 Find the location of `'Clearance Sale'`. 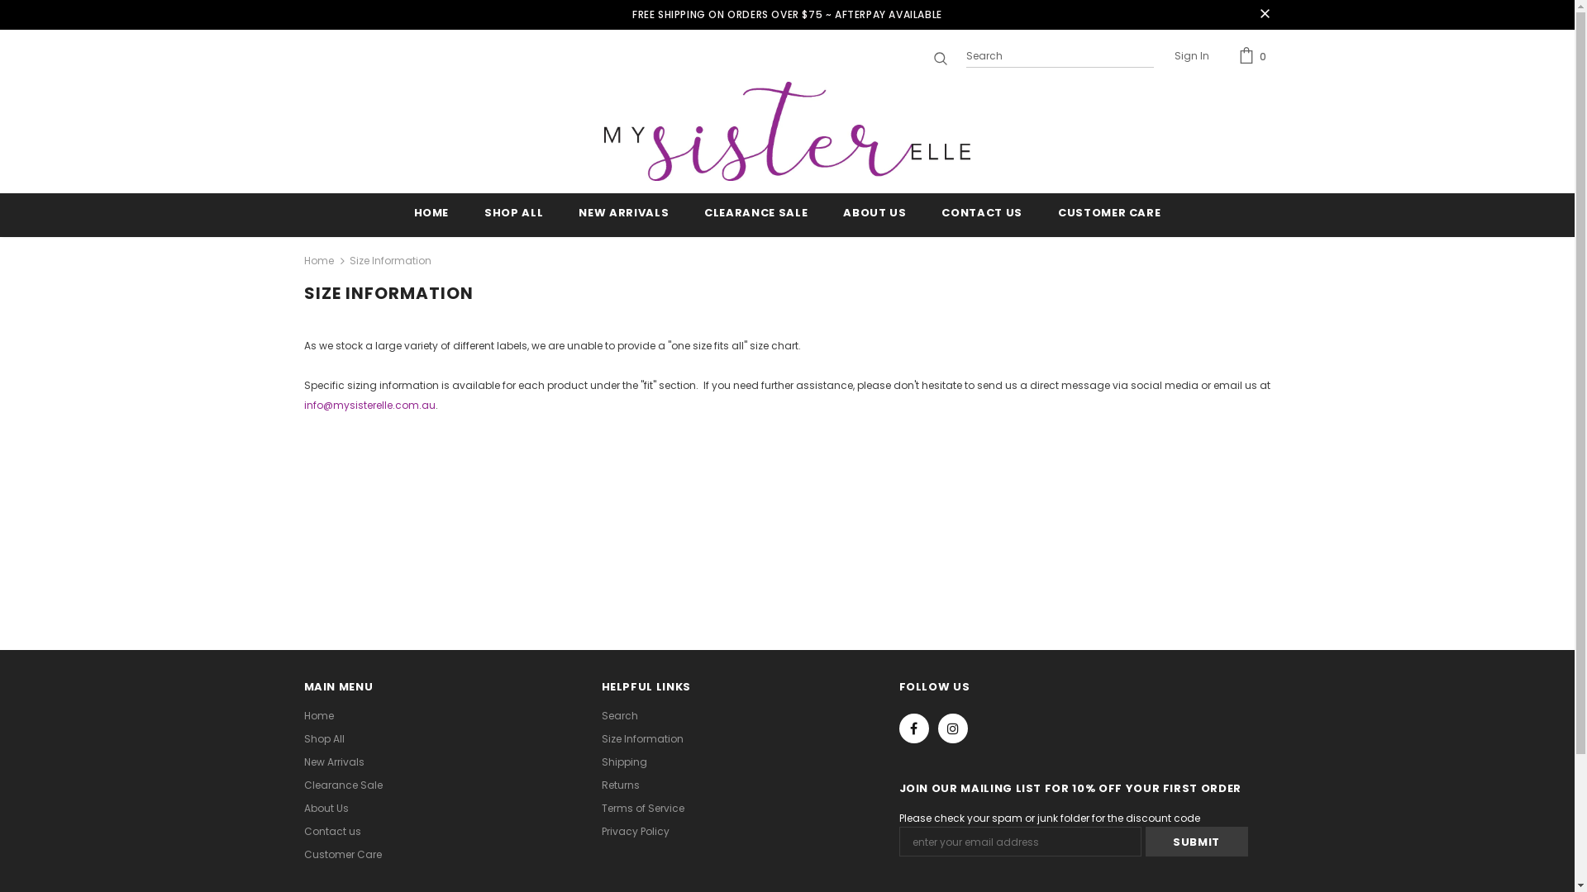

'Clearance Sale' is located at coordinates (342, 785).